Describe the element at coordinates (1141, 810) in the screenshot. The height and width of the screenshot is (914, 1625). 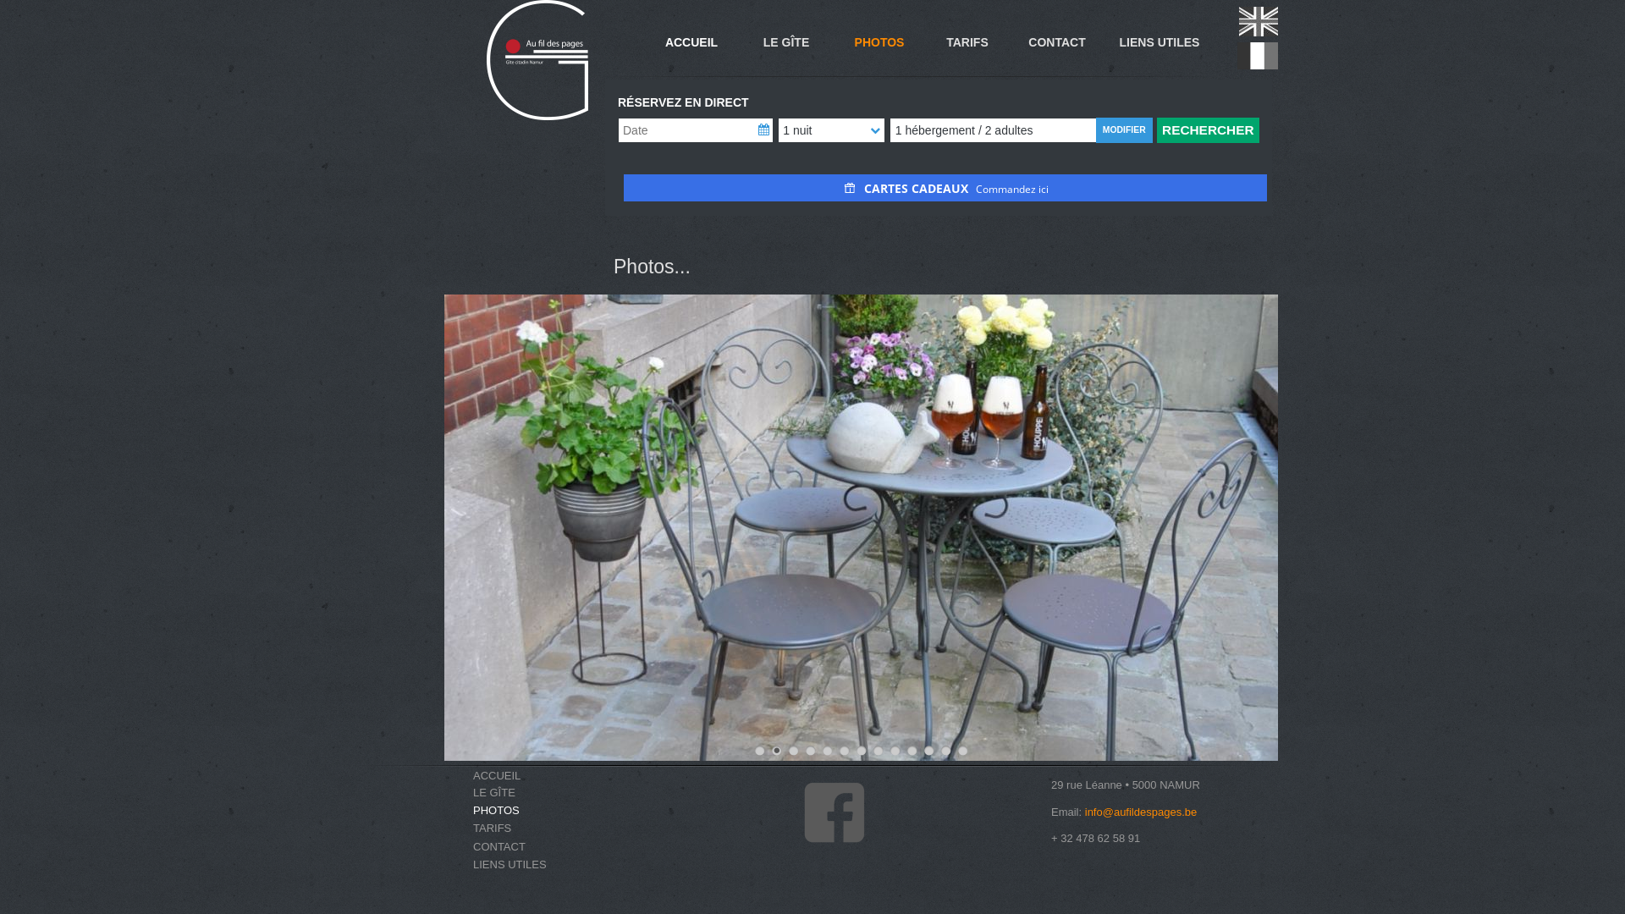
I see `'info@aufildespages.be'` at that location.